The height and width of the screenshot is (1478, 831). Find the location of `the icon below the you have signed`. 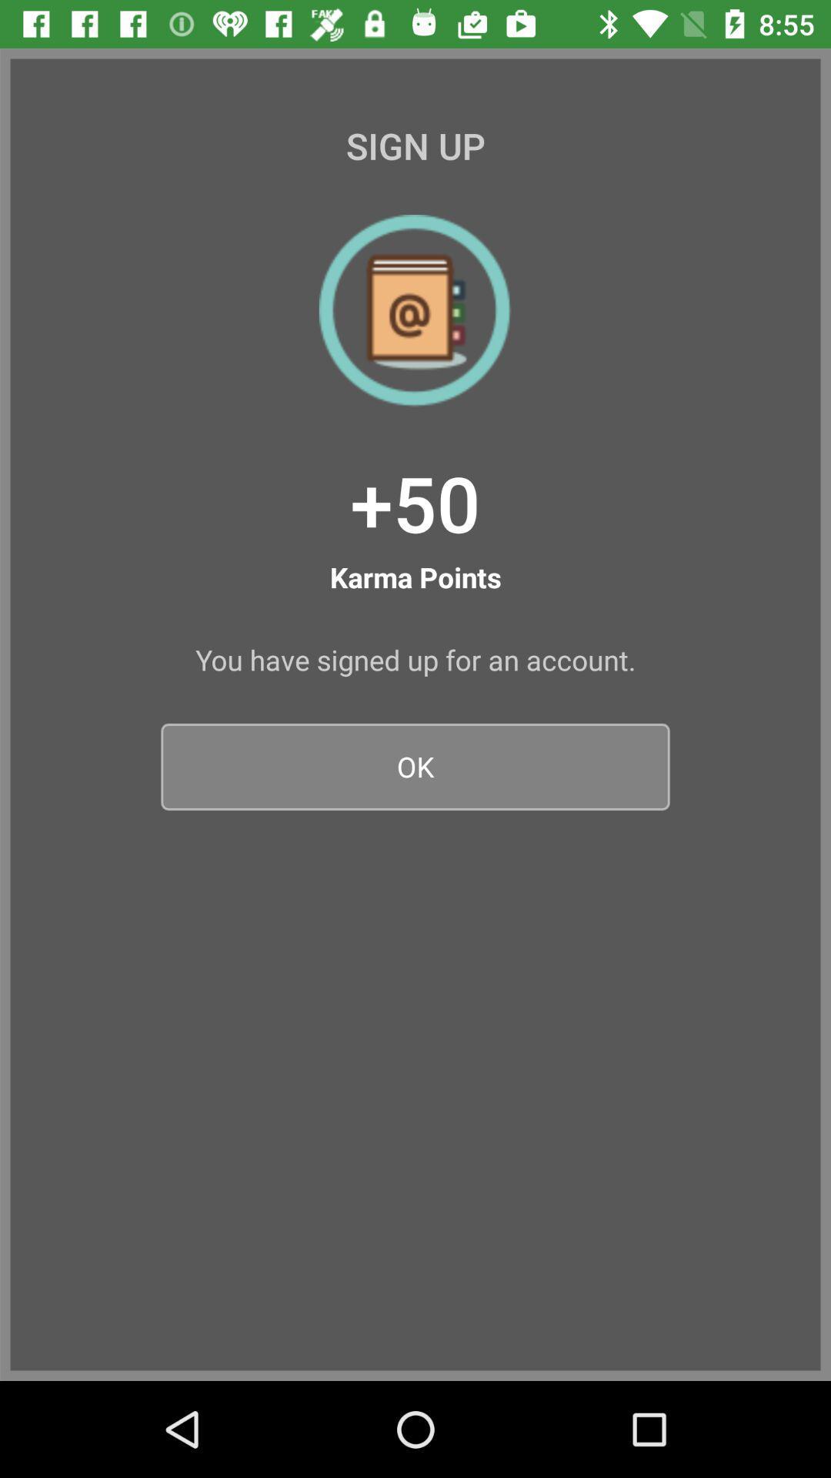

the icon below the you have signed is located at coordinates (415, 767).